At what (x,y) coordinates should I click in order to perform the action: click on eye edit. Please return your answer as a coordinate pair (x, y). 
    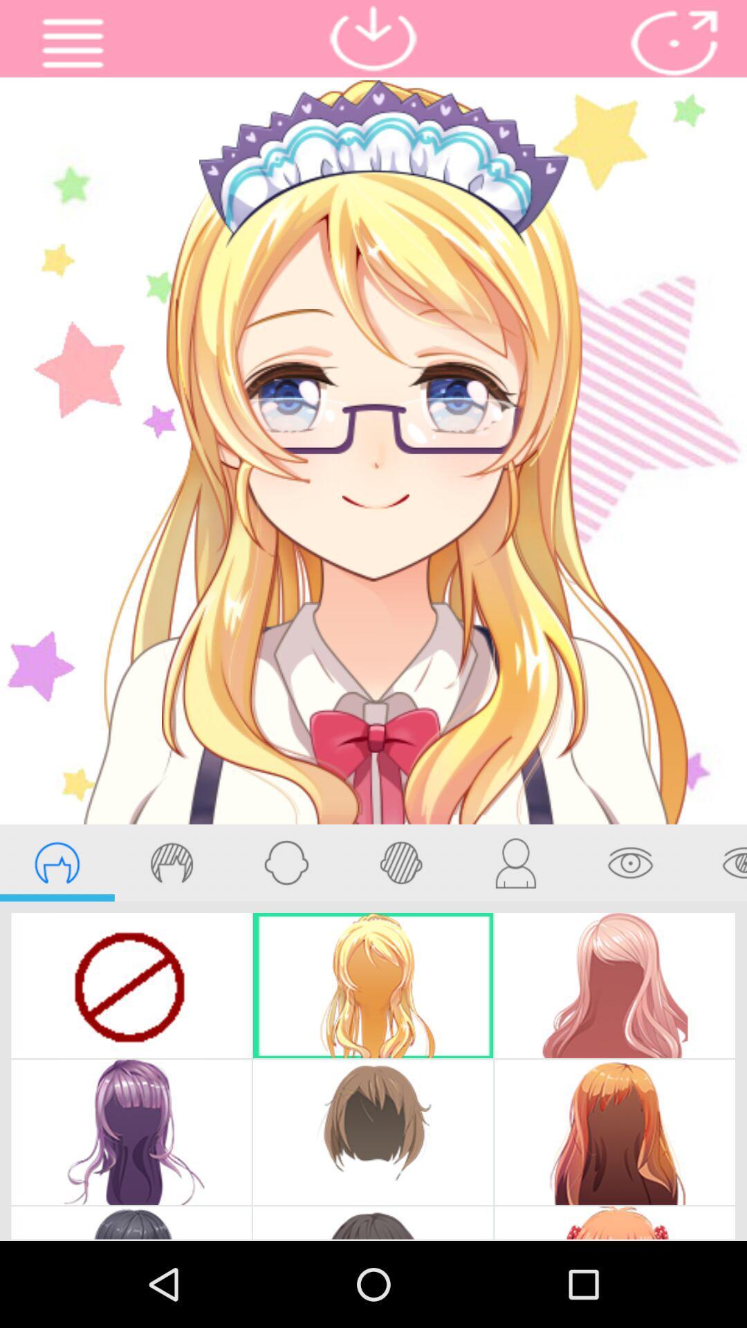
    Looking at the image, I should click on (630, 862).